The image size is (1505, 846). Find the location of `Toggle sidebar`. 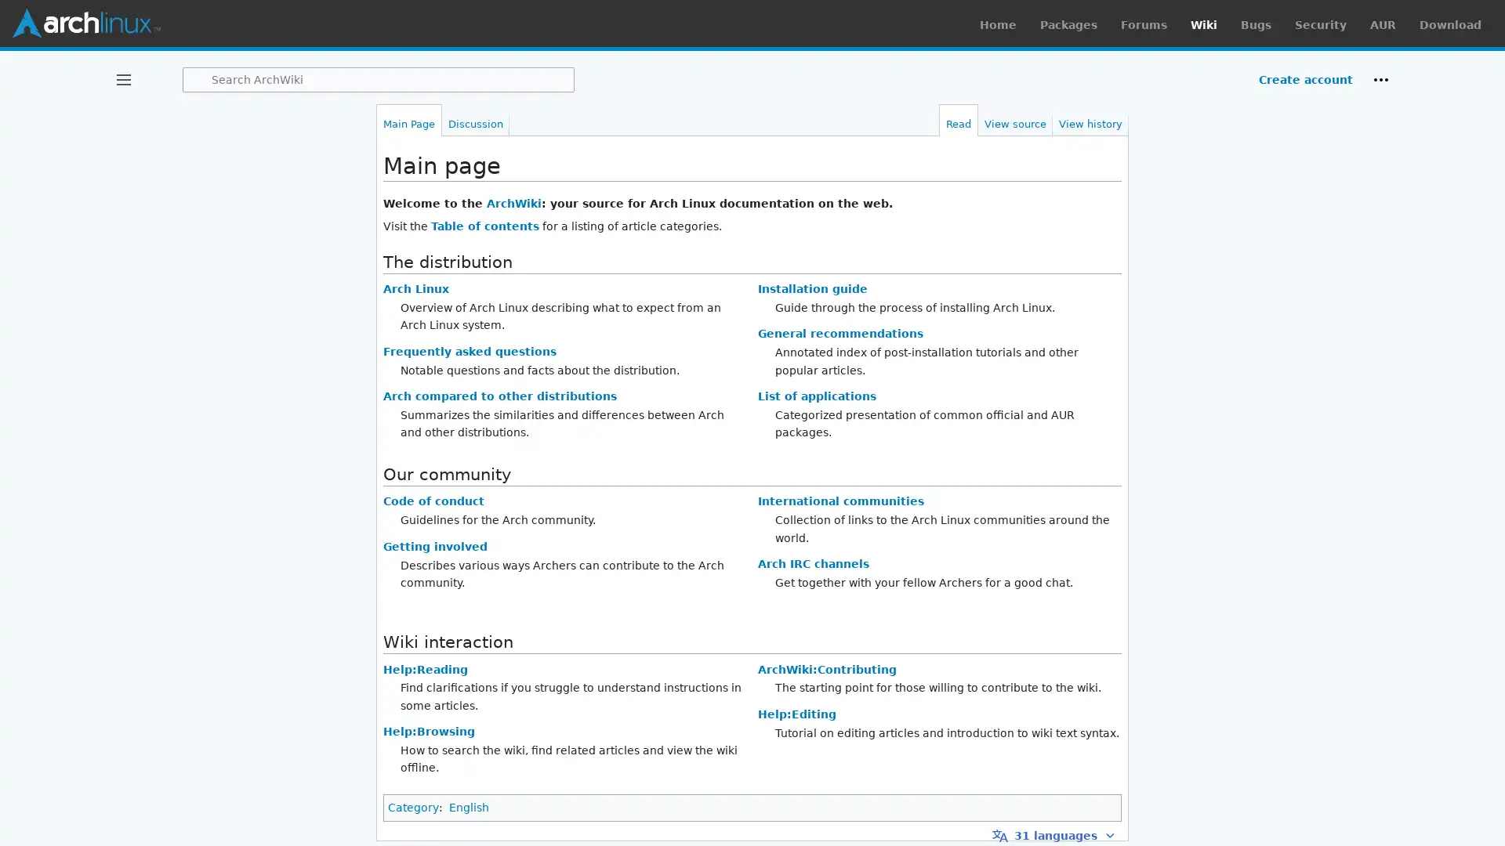

Toggle sidebar is located at coordinates (123, 79).